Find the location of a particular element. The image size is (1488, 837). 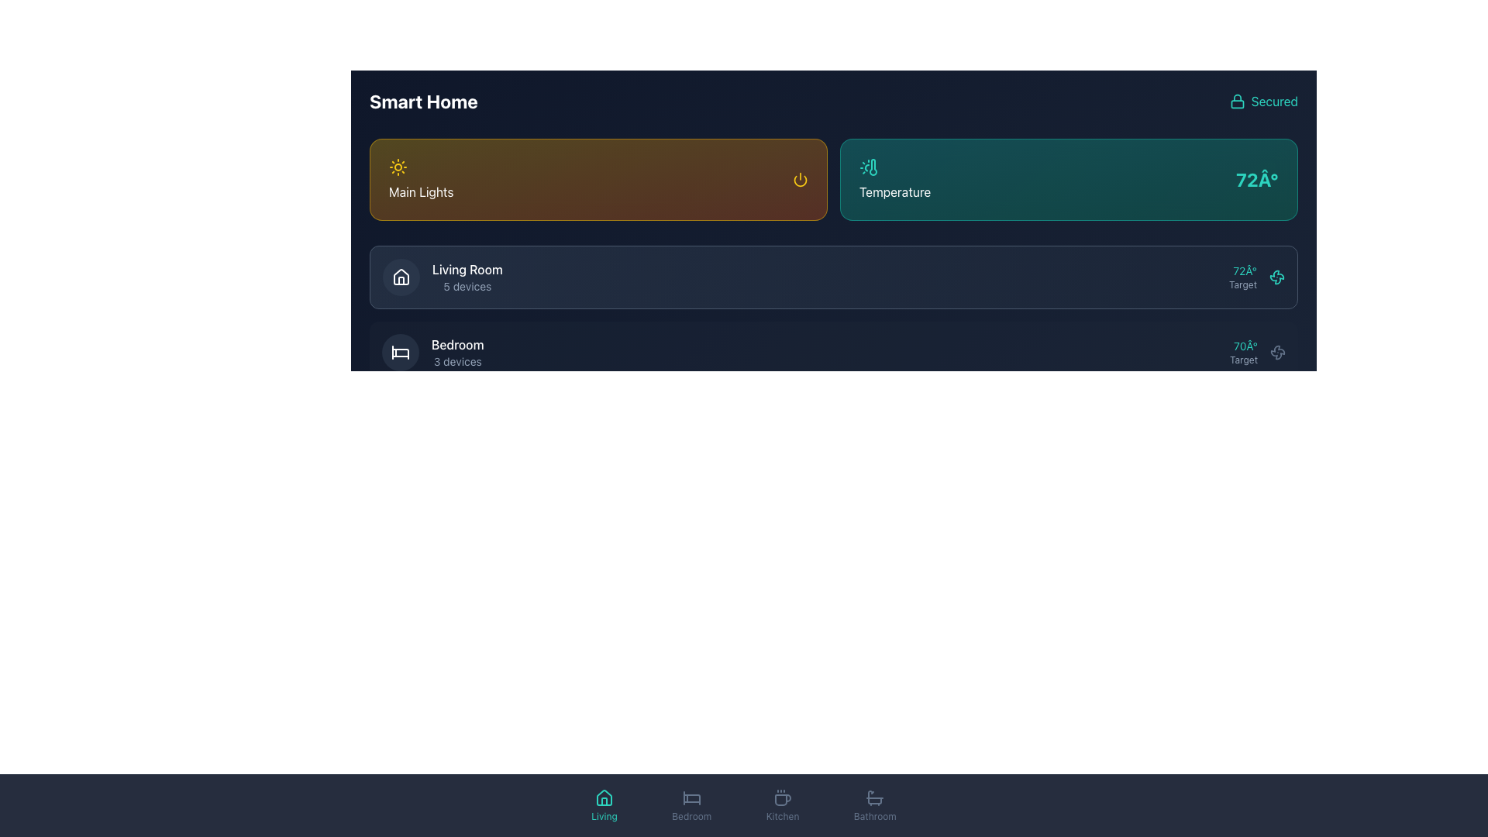

the 'Bedroom' Text Display element, which shows the number of devices present in that room (3 devices) is located at coordinates (456, 353).